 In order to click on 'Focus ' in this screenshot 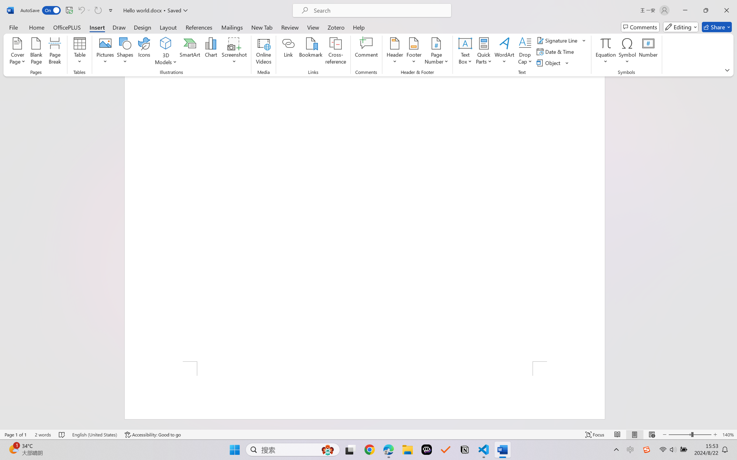, I will do `click(595, 434)`.